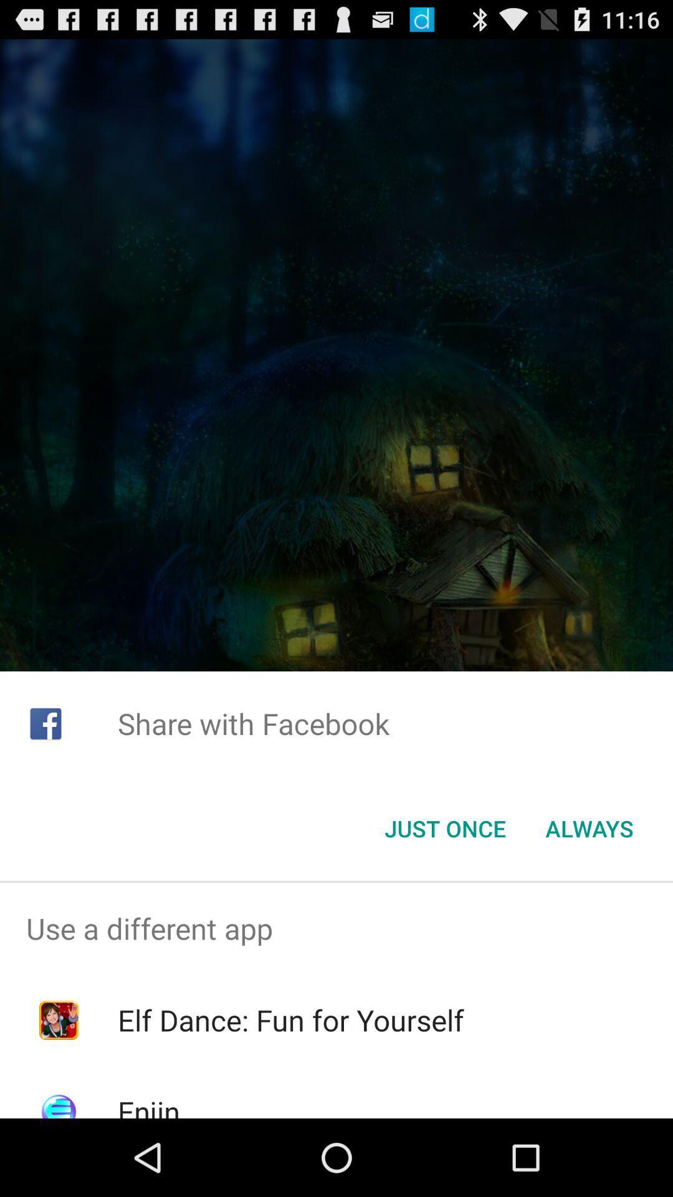 This screenshot has width=673, height=1197. I want to click on the item below the use a different, so click(290, 1020).